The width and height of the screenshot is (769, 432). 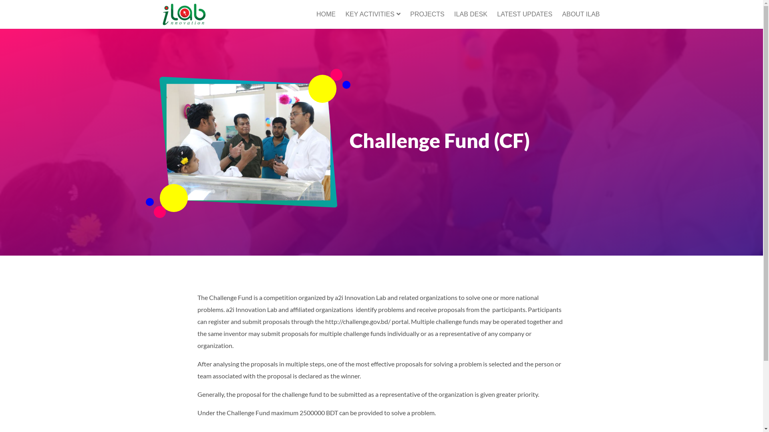 What do you see at coordinates (525, 14) in the screenshot?
I see `'LATEST UPDATES'` at bounding box center [525, 14].